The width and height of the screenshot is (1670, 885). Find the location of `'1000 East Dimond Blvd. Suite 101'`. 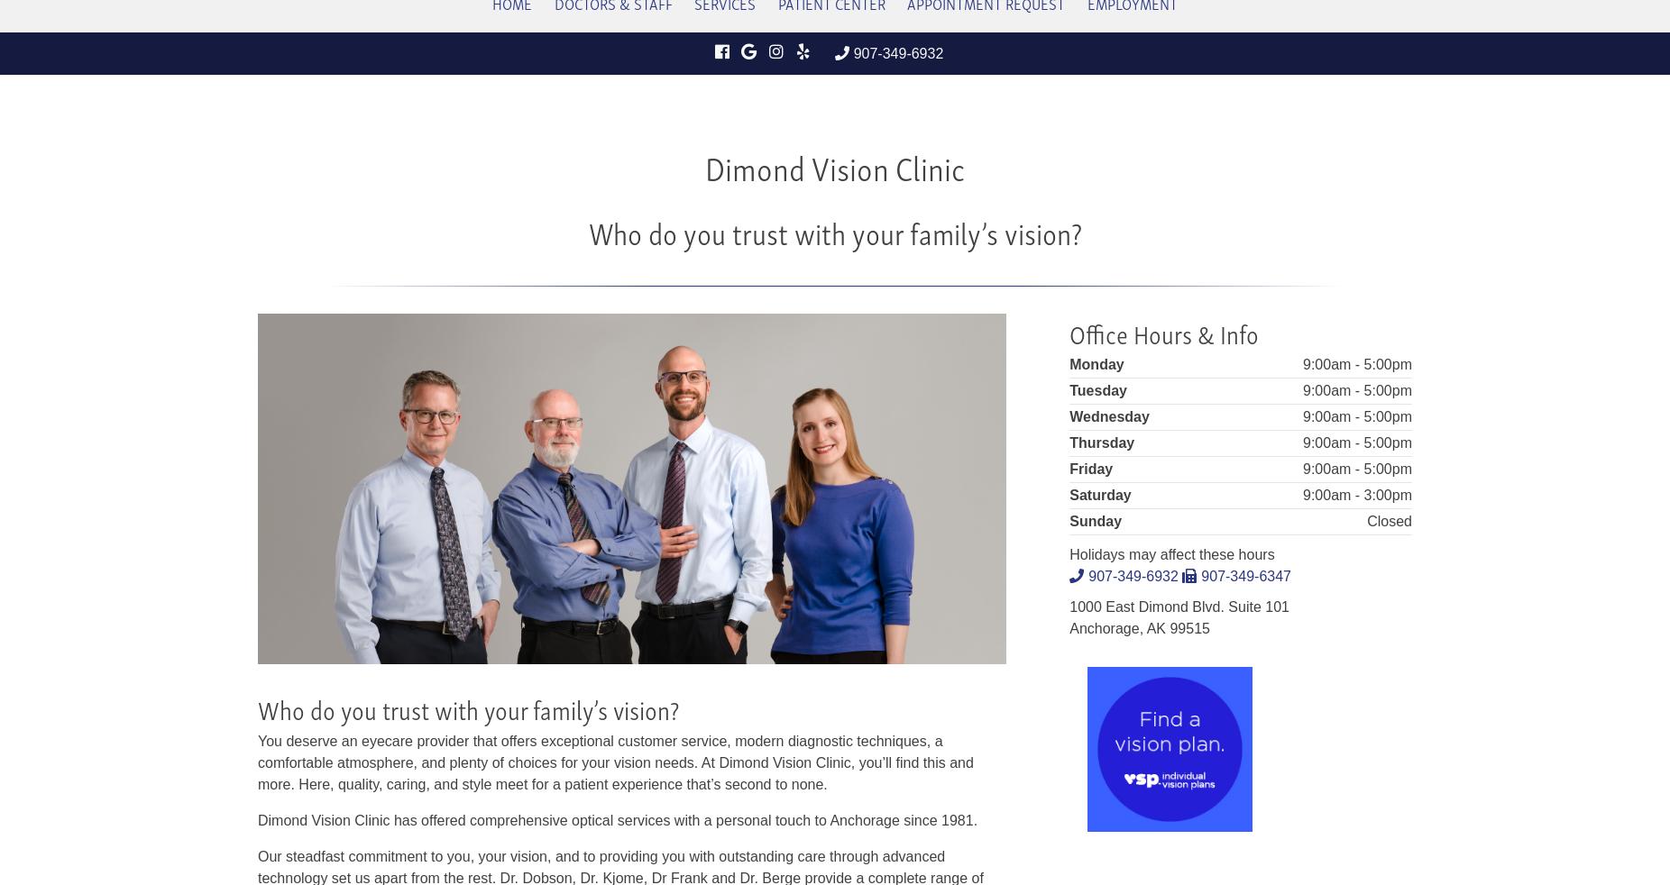

'1000 East Dimond Blvd. Suite 101' is located at coordinates (1179, 606).